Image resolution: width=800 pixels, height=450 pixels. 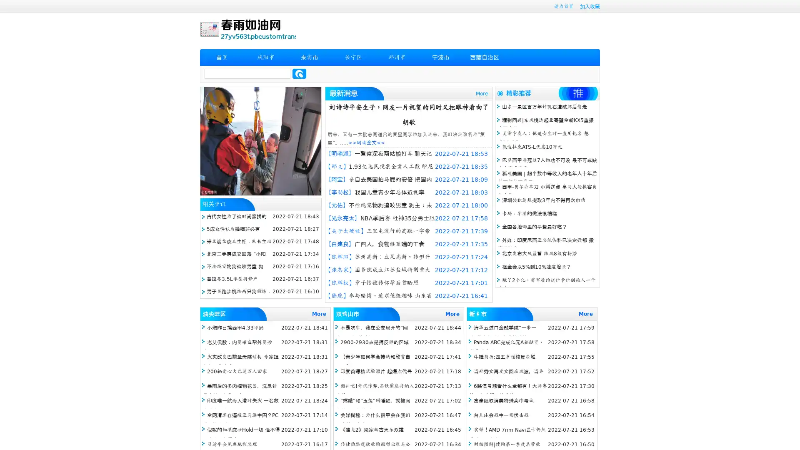 What do you see at coordinates (299, 73) in the screenshot?
I see `Search` at bounding box center [299, 73].